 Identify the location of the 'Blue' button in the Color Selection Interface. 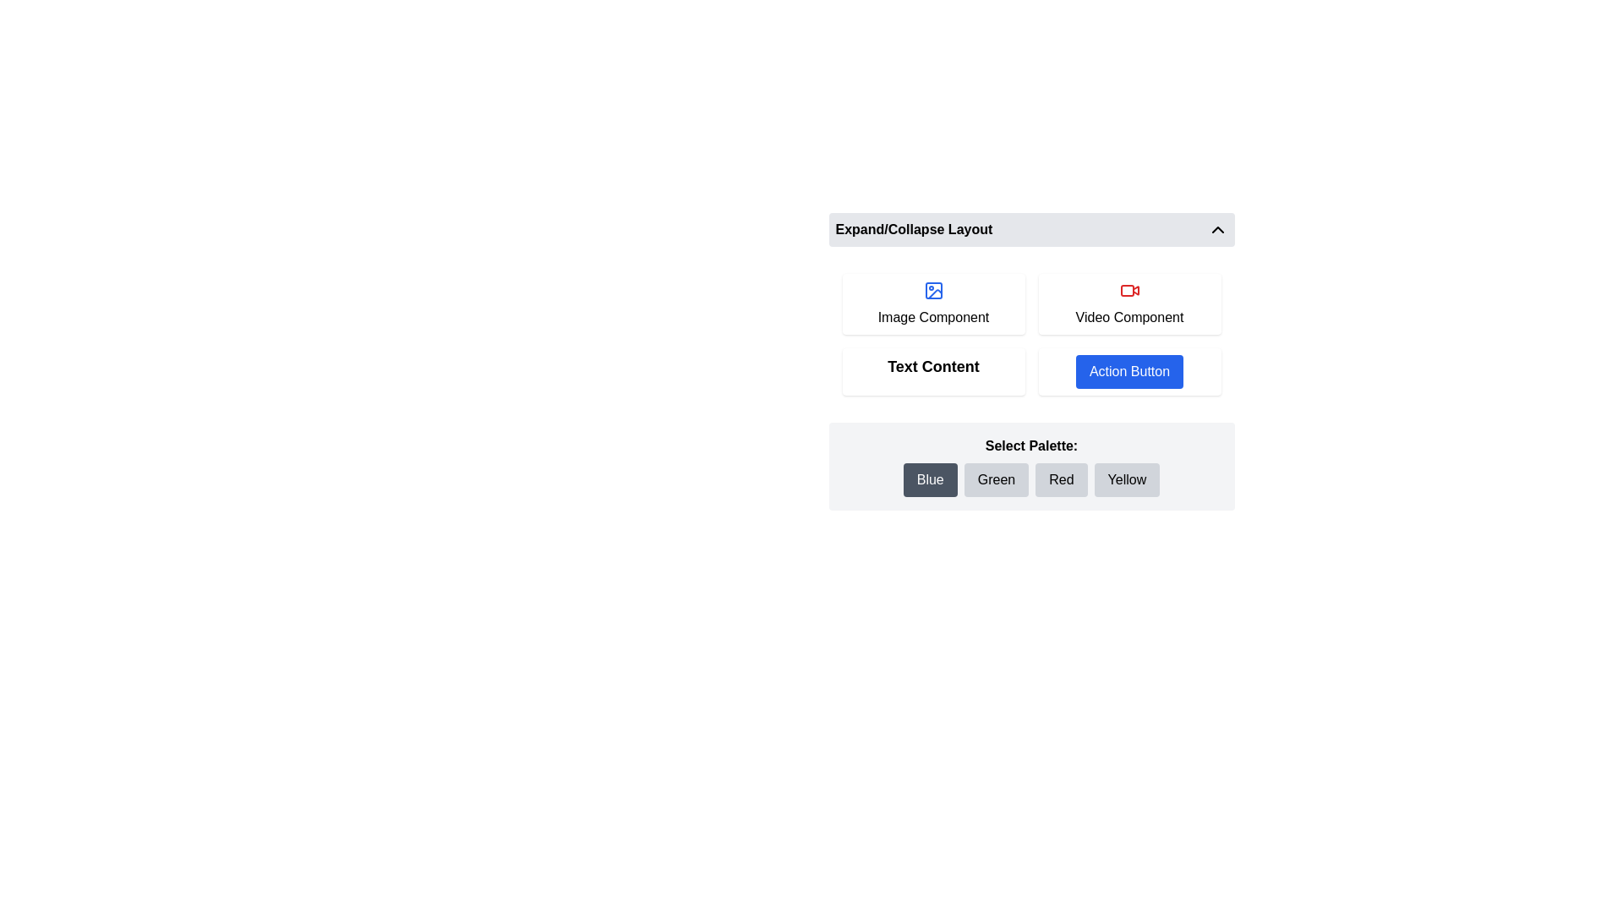
(1030, 466).